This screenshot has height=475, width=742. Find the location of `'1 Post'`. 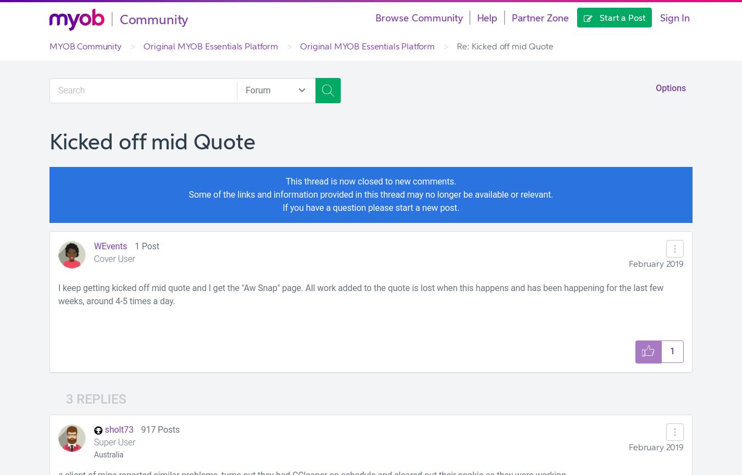

'1 Post' is located at coordinates (134, 245).